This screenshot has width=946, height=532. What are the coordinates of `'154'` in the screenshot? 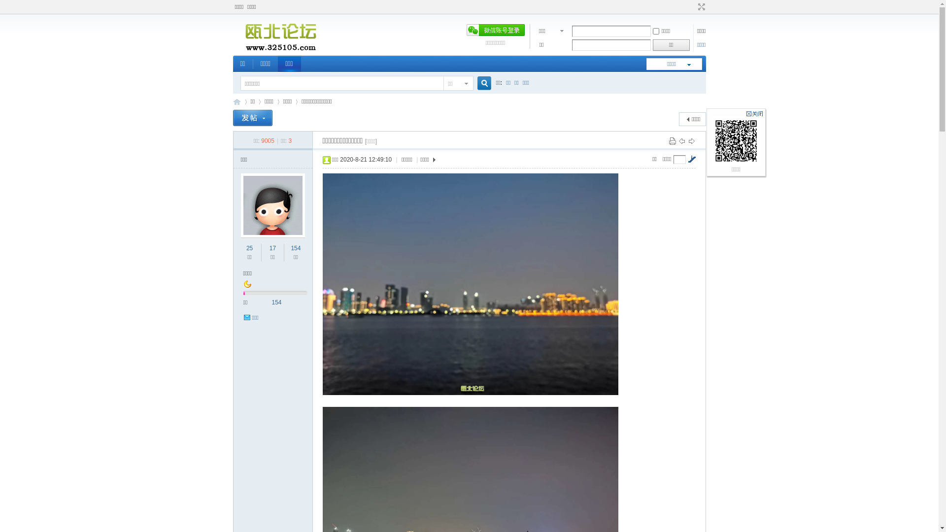 It's located at (295, 248).